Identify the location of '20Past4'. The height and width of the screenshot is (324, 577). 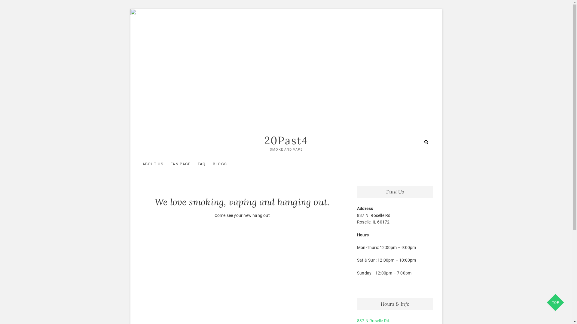
(286, 140).